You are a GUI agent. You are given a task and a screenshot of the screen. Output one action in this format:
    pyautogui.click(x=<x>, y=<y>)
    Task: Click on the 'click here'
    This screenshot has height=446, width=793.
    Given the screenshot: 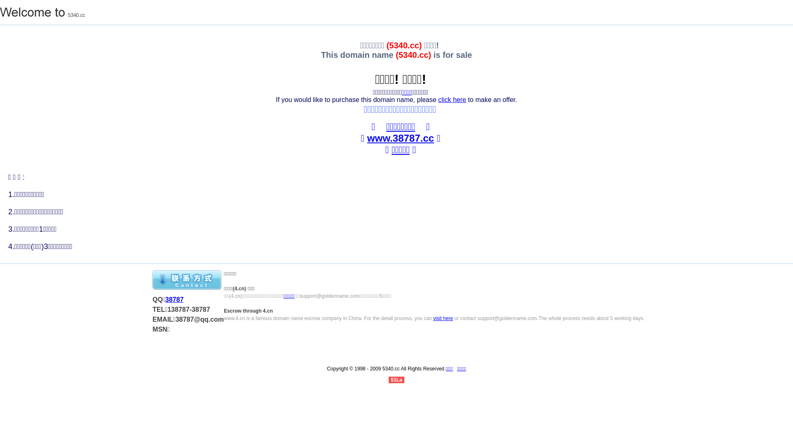 What is the action you would take?
    pyautogui.click(x=451, y=100)
    